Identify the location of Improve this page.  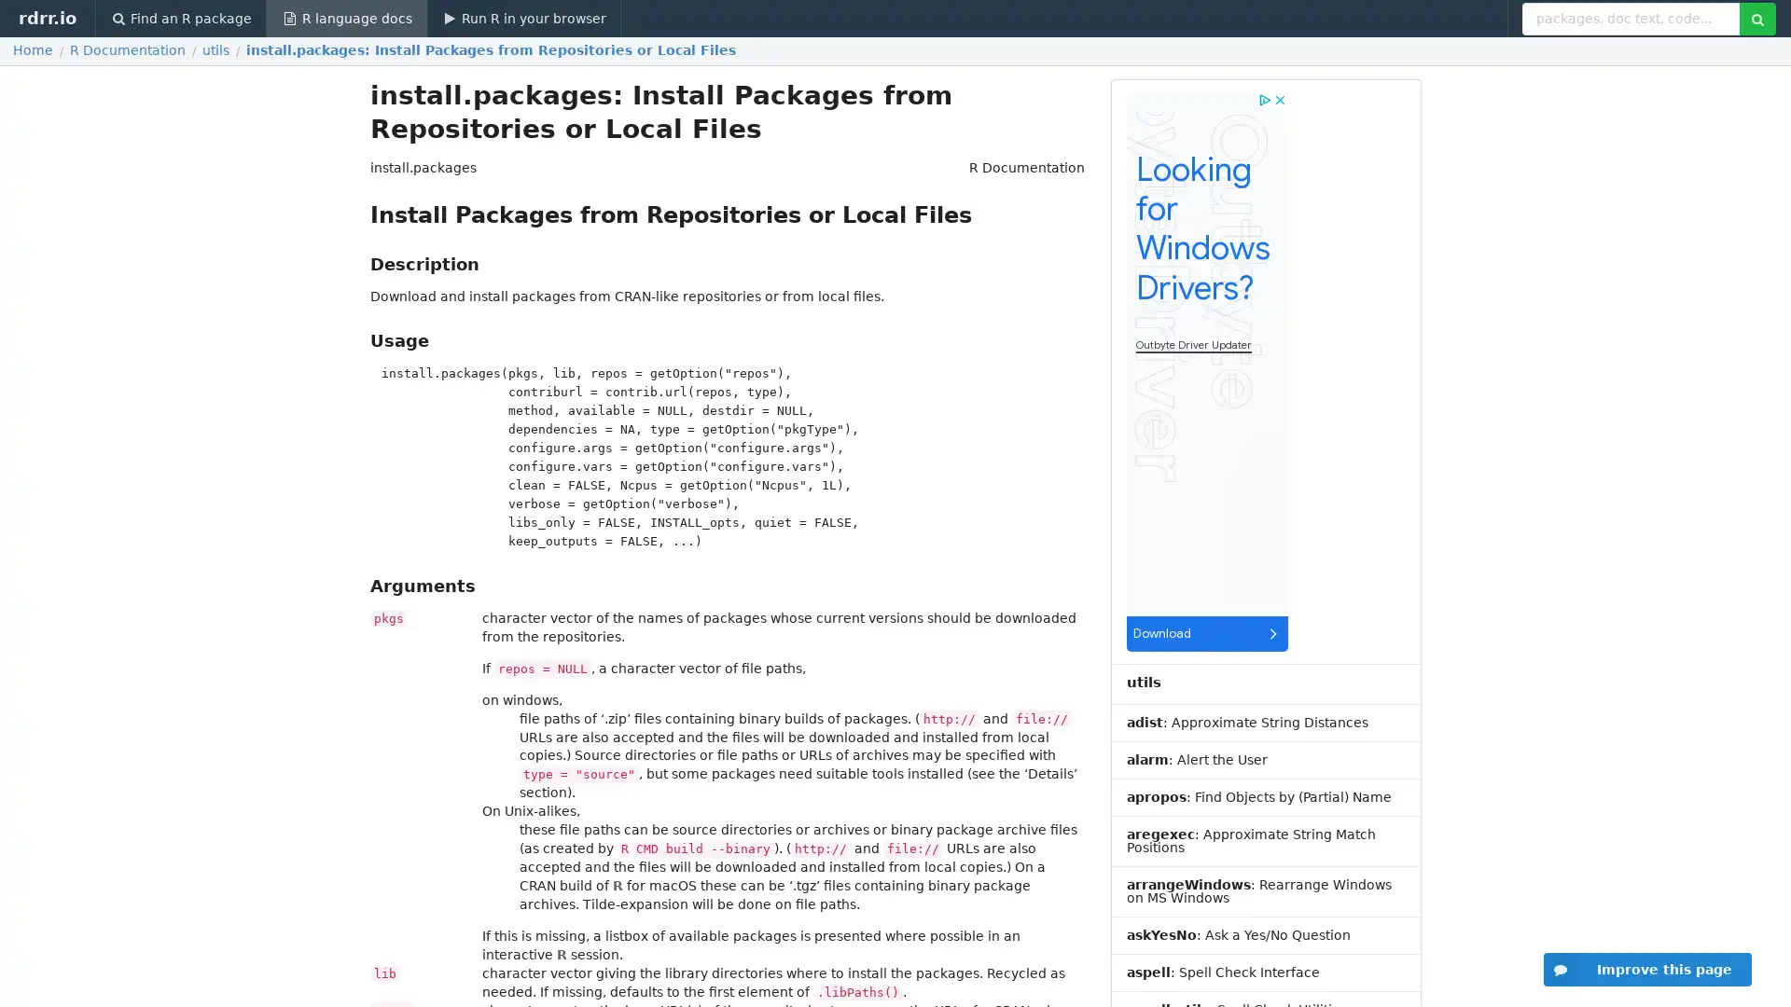
(1647, 969).